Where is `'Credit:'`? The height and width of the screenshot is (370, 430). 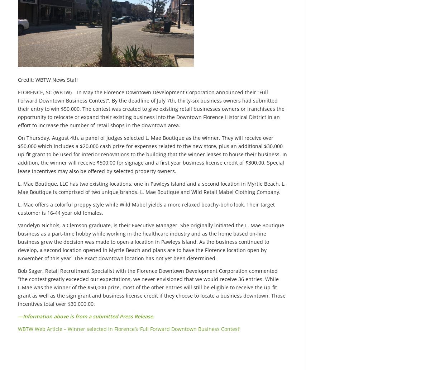
'Credit:' is located at coordinates (27, 79).